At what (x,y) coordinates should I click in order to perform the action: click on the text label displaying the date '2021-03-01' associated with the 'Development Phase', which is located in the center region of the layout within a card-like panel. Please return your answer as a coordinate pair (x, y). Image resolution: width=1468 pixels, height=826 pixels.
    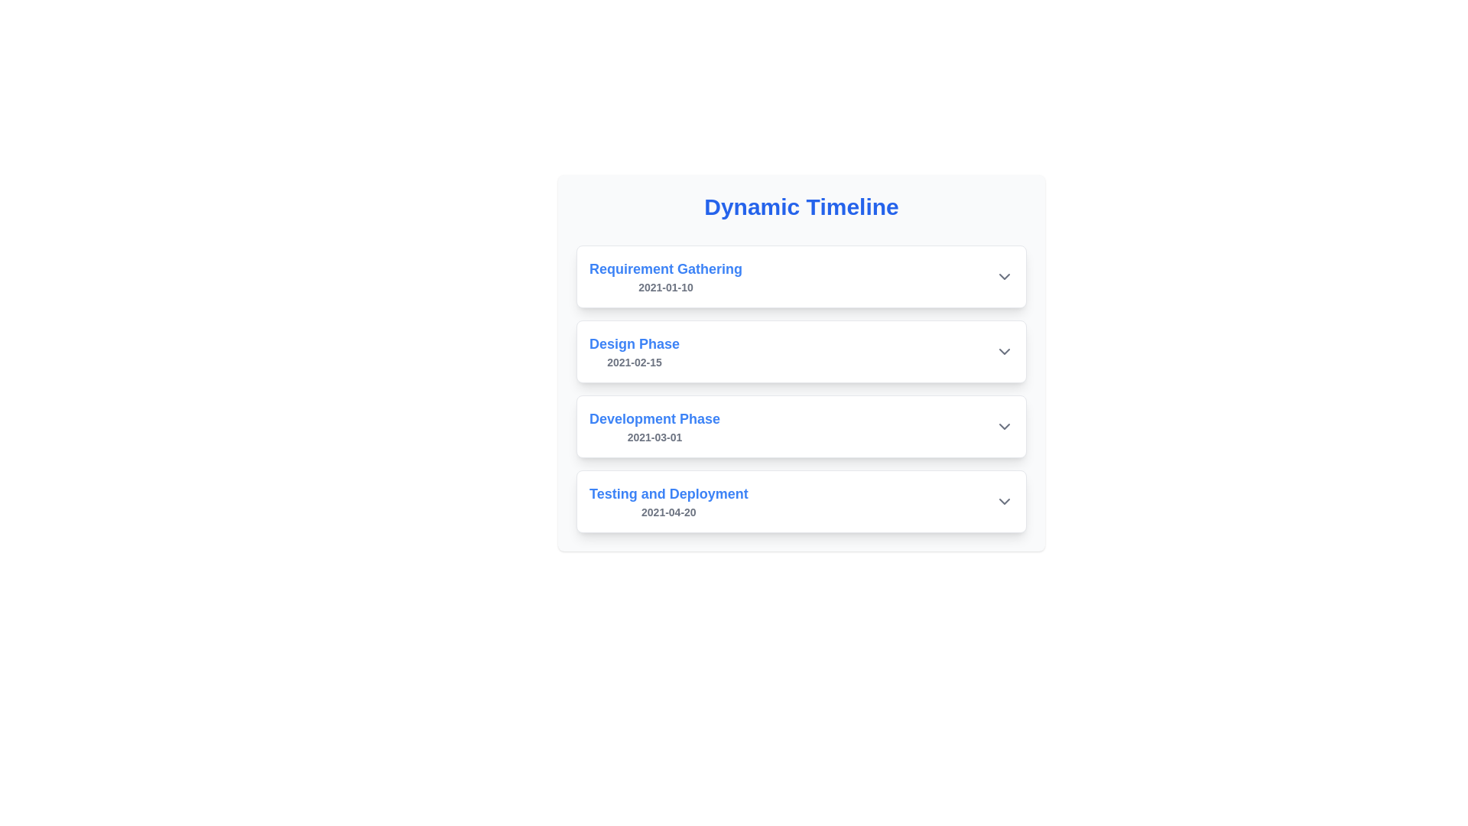
    Looking at the image, I should click on (654, 437).